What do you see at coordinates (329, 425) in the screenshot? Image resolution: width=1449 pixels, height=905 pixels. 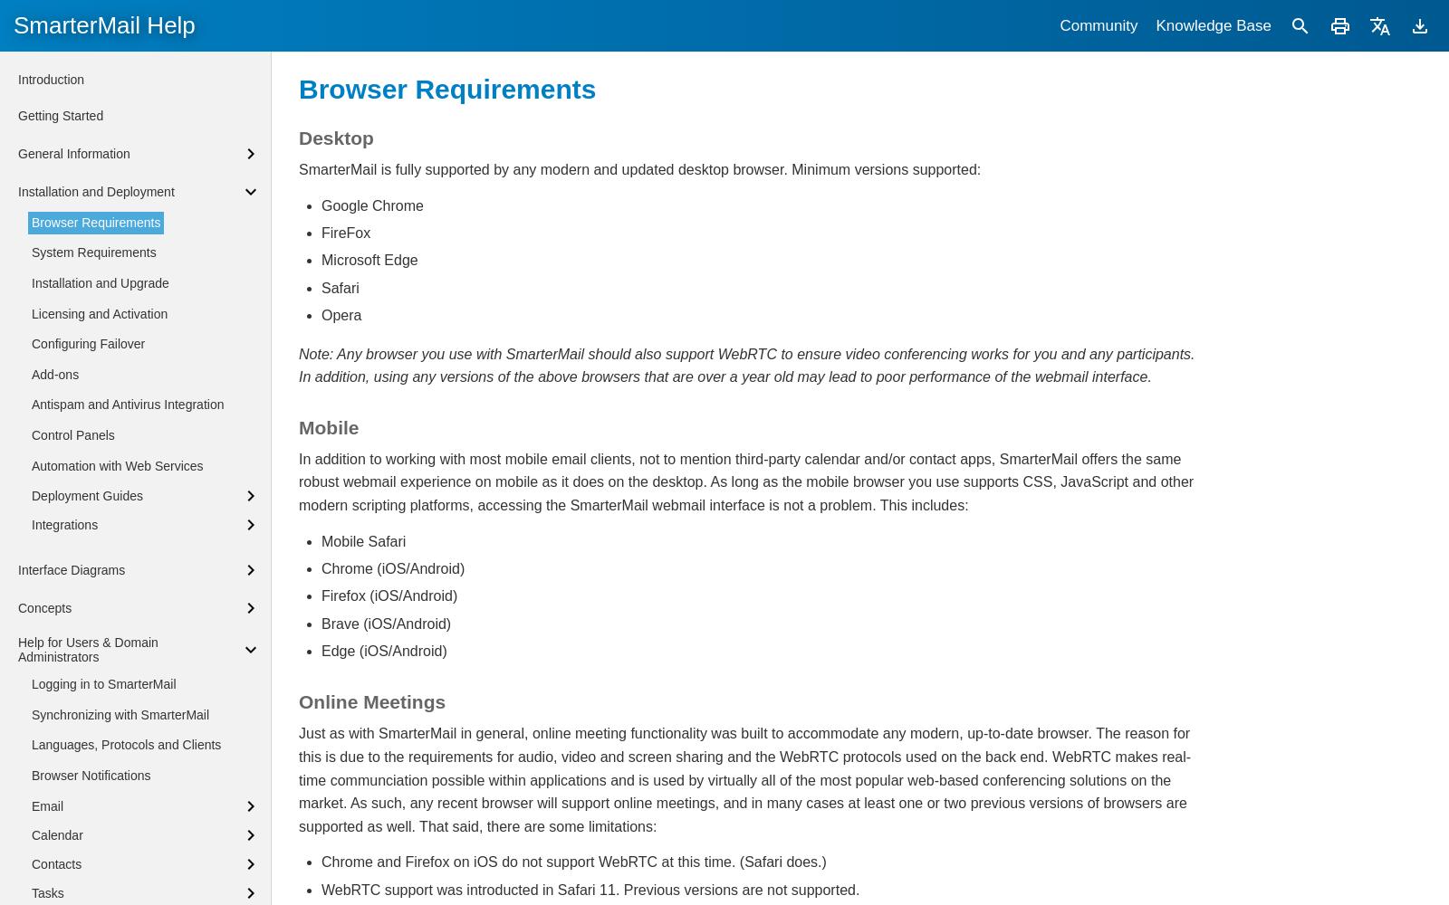 I see `'Mobile'` at bounding box center [329, 425].